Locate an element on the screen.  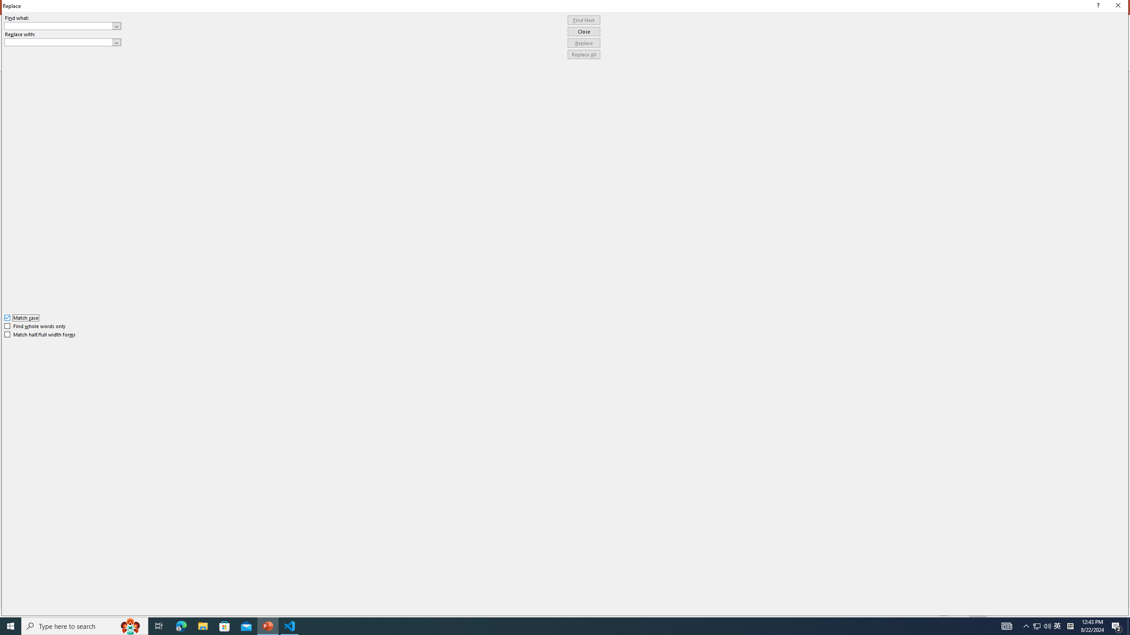
'Replace with' is located at coordinates (63, 42).